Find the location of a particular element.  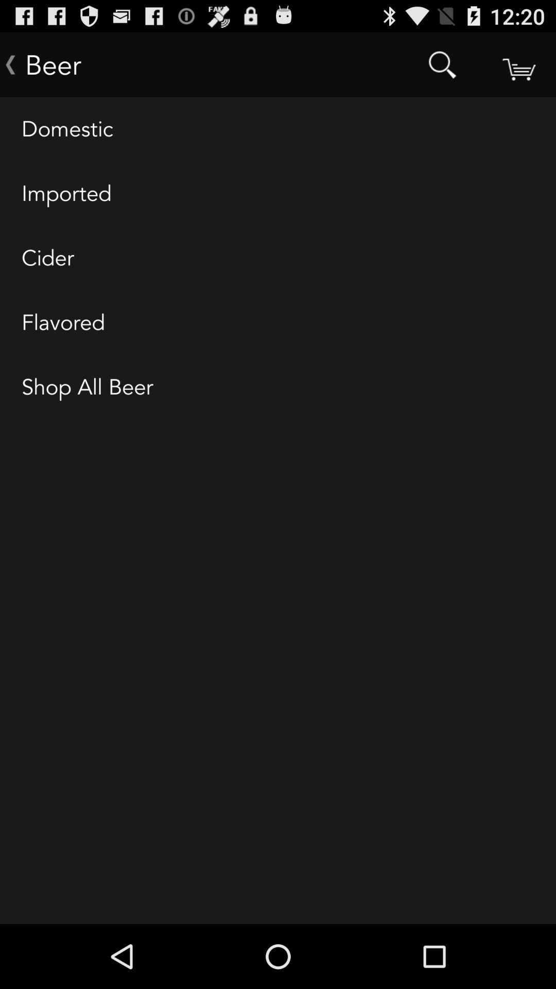

imported is located at coordinates (278, 194).